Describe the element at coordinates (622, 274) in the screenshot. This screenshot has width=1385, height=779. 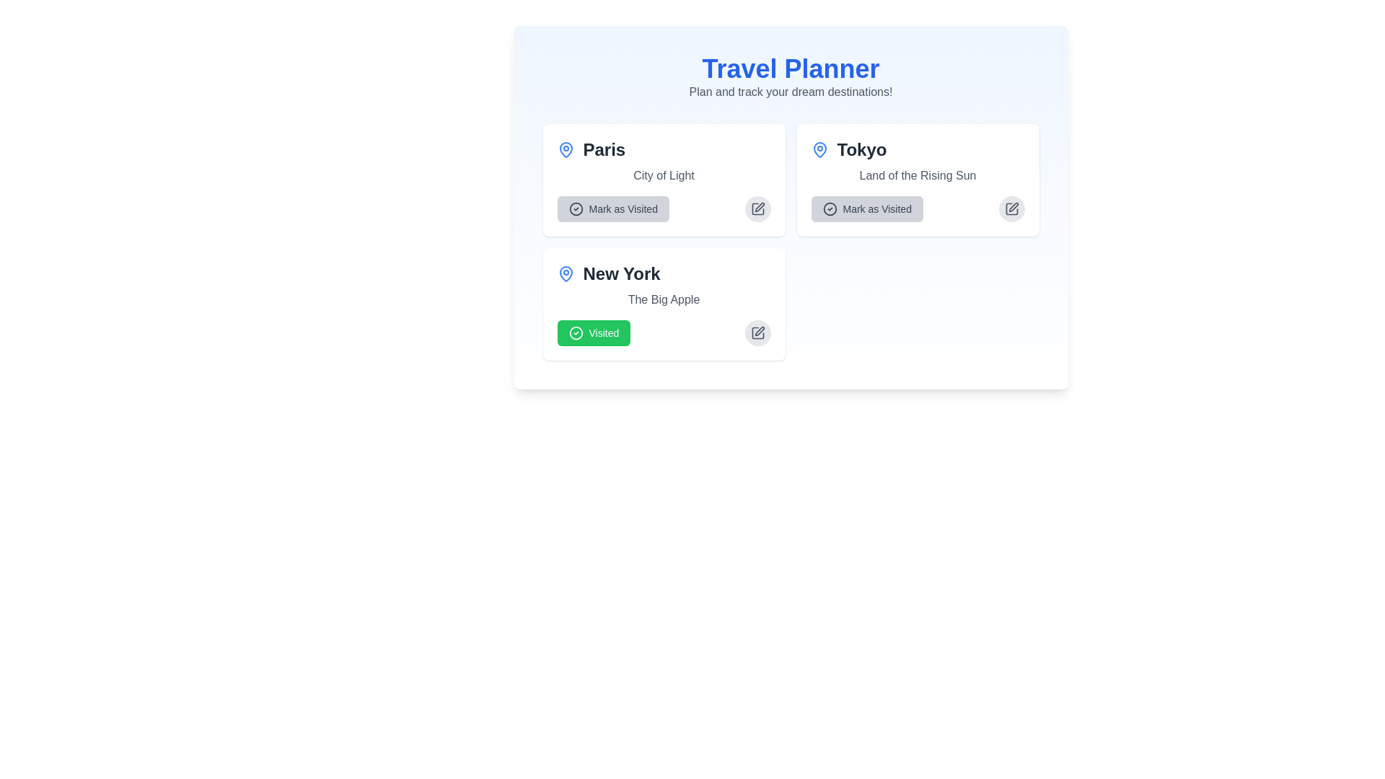
I see `the text element displaying 'New York', which is bold and large, making it a focal point in the layout` at that location.